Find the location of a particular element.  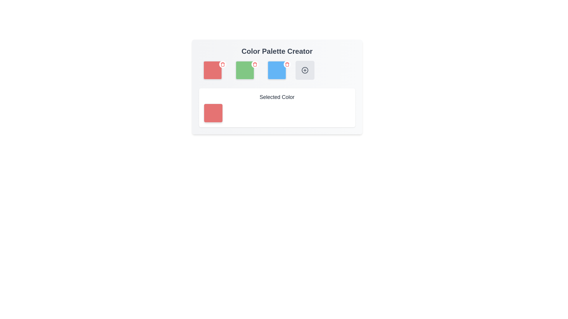

the gray circular icon with a '+' sign is located at coordinates (305, 70).